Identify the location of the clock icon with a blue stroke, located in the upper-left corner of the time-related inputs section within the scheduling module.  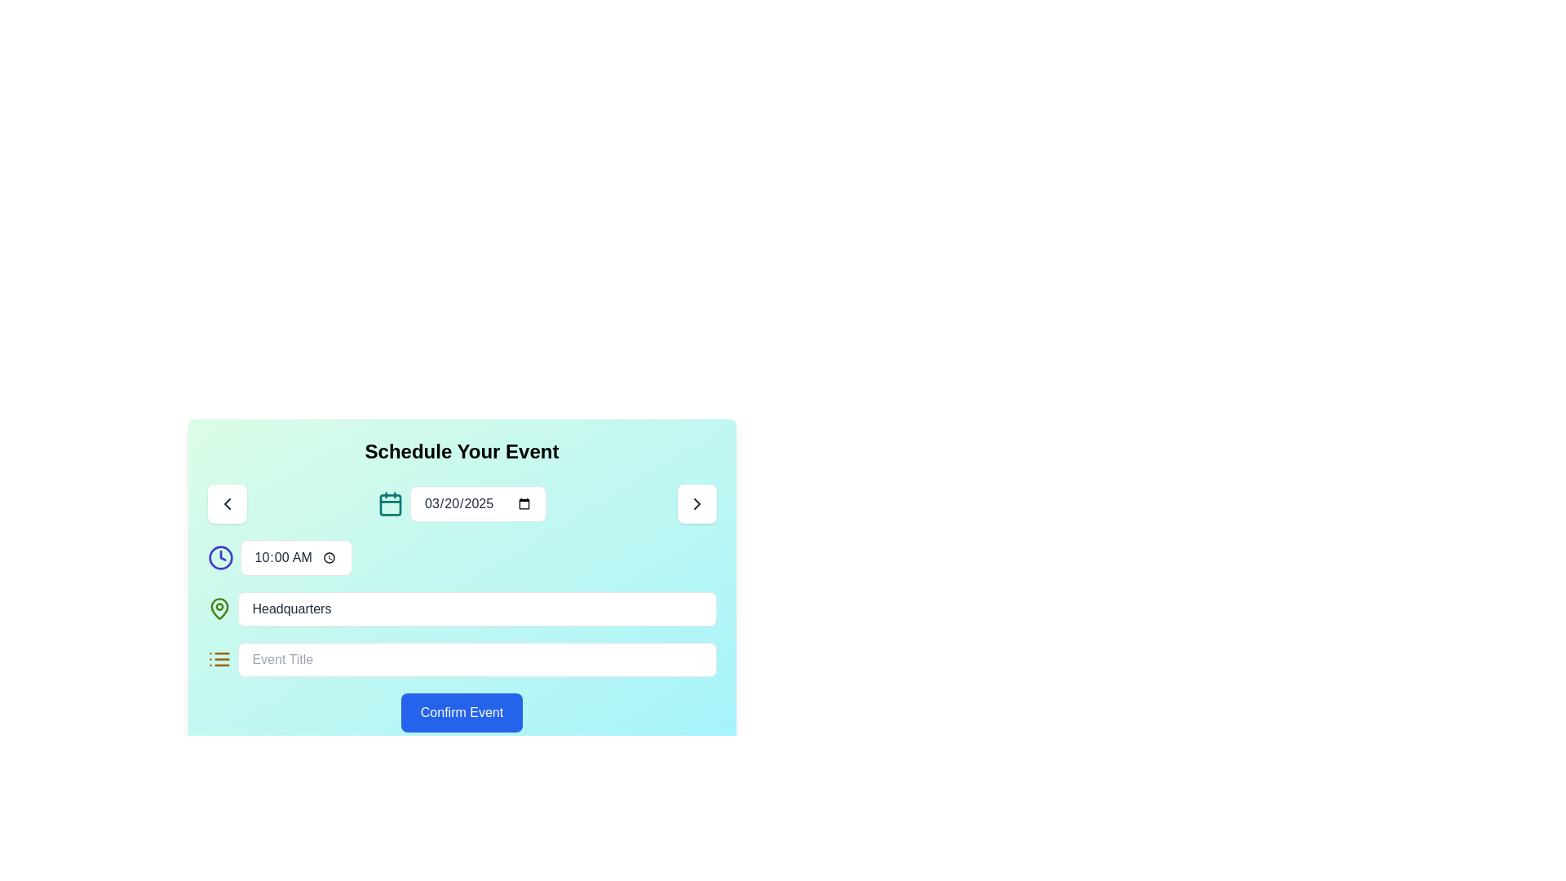
(219, 556).